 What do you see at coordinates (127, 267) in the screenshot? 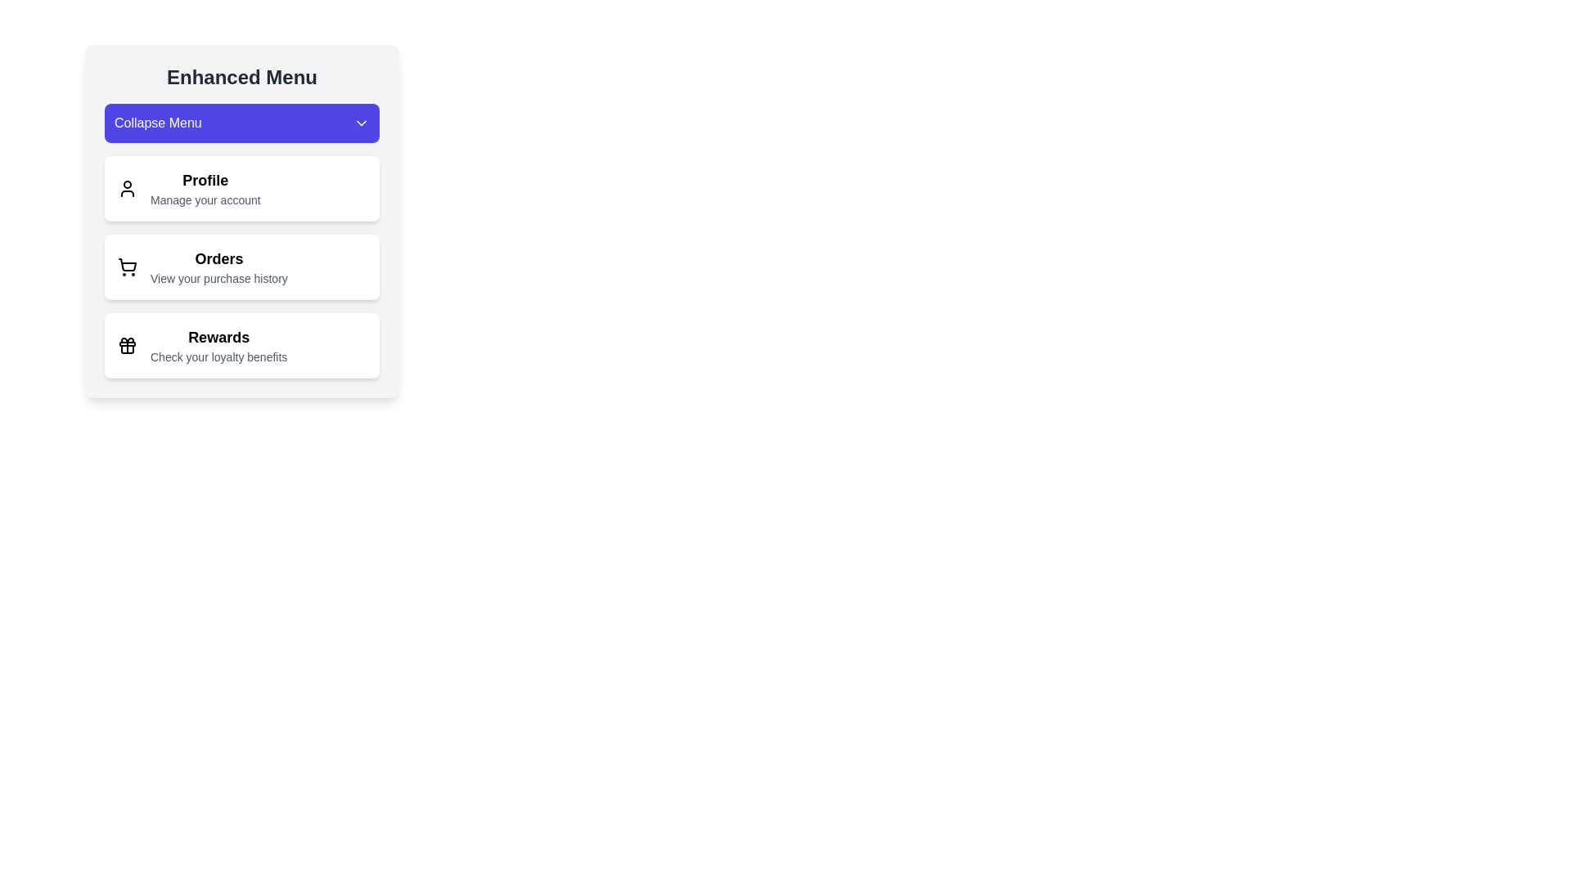
I see `the shopping cart icon located to the left of the 'Orders' label in the 'Enhanced Menu' panel` at bounding box center [127, 267].